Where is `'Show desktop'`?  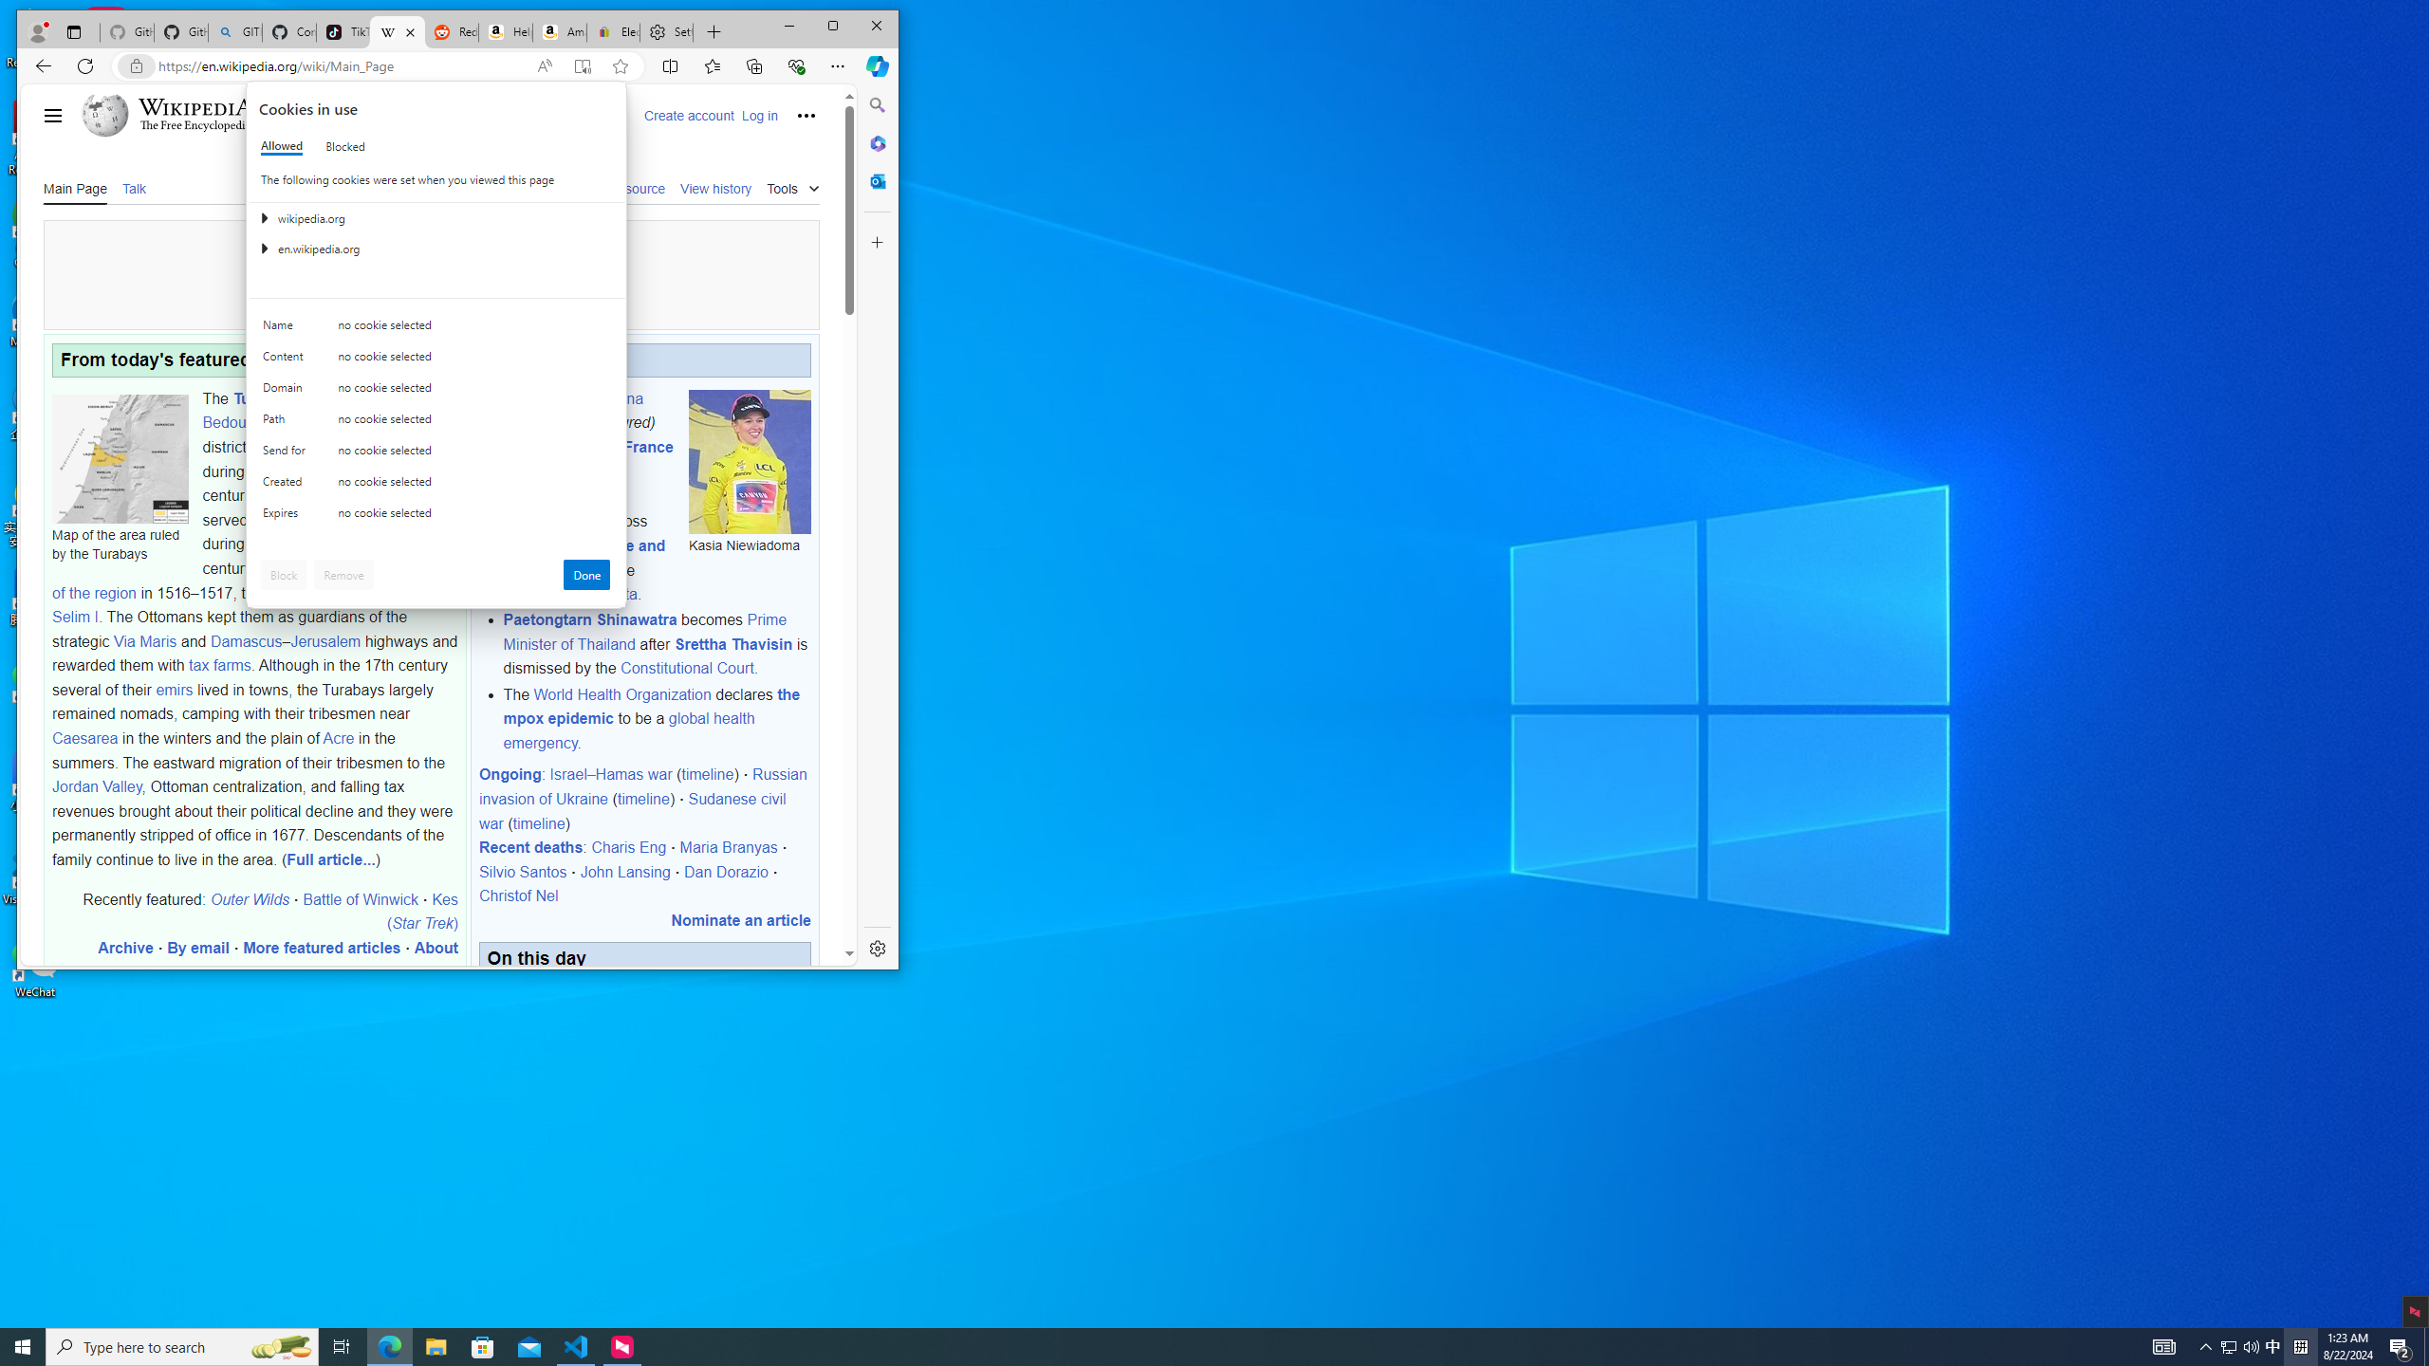 'Show desktop' is located at coordinates (2425, 1345).